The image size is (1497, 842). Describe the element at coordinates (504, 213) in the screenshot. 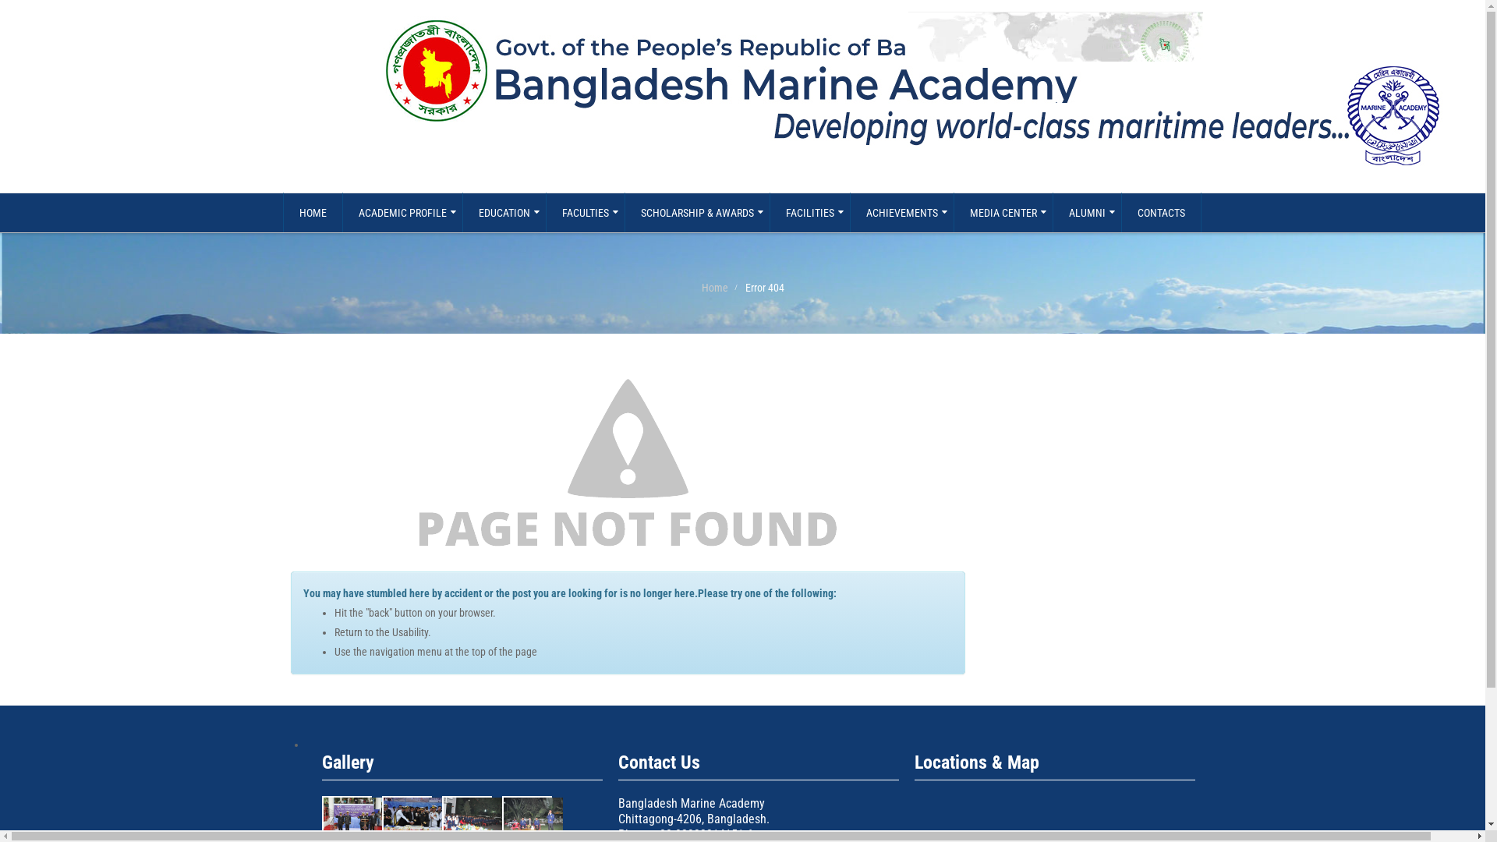

I see `'EDUCATION'` at that location.